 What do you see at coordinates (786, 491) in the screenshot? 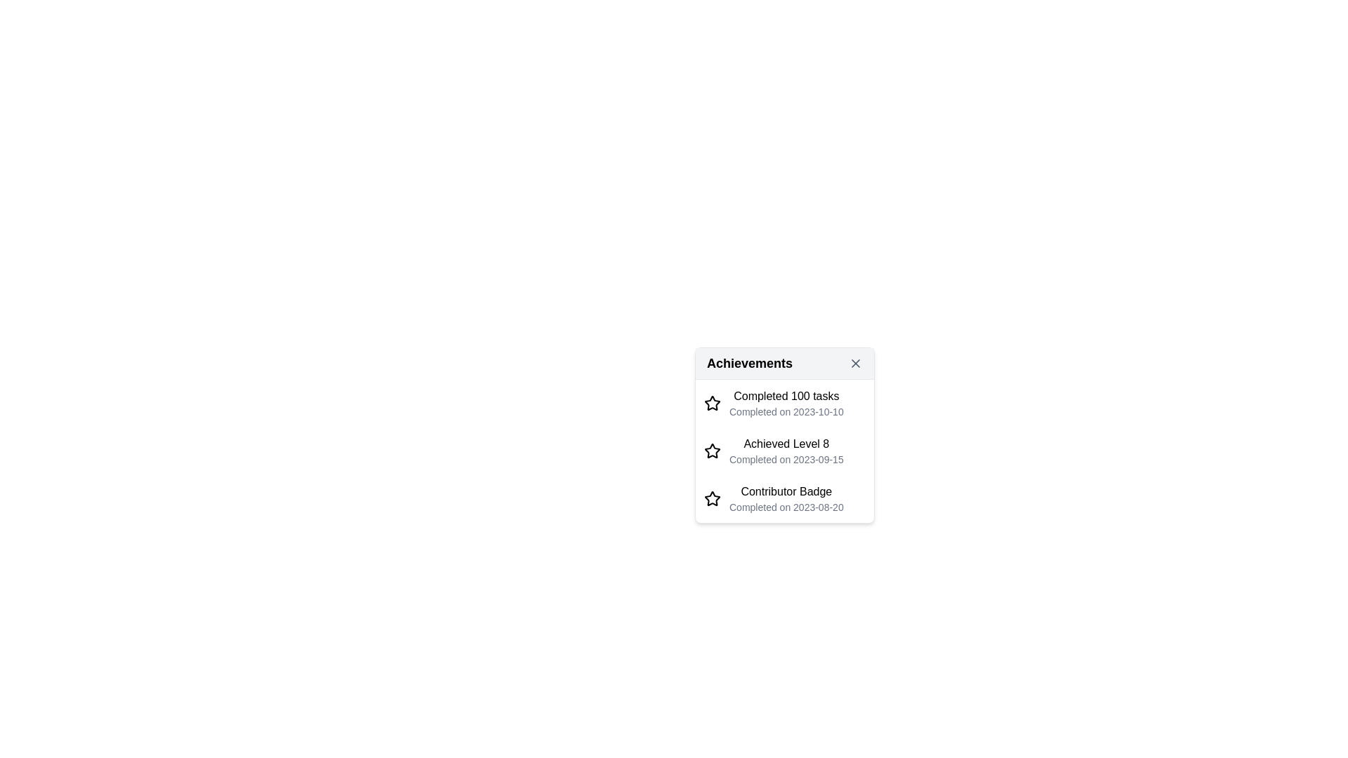
I see `the text label reading 'Contributor Badge', which is styled in bold black font and is the heading of the third achievement in a vertical list of achievements` at bounding box center [786, 491].